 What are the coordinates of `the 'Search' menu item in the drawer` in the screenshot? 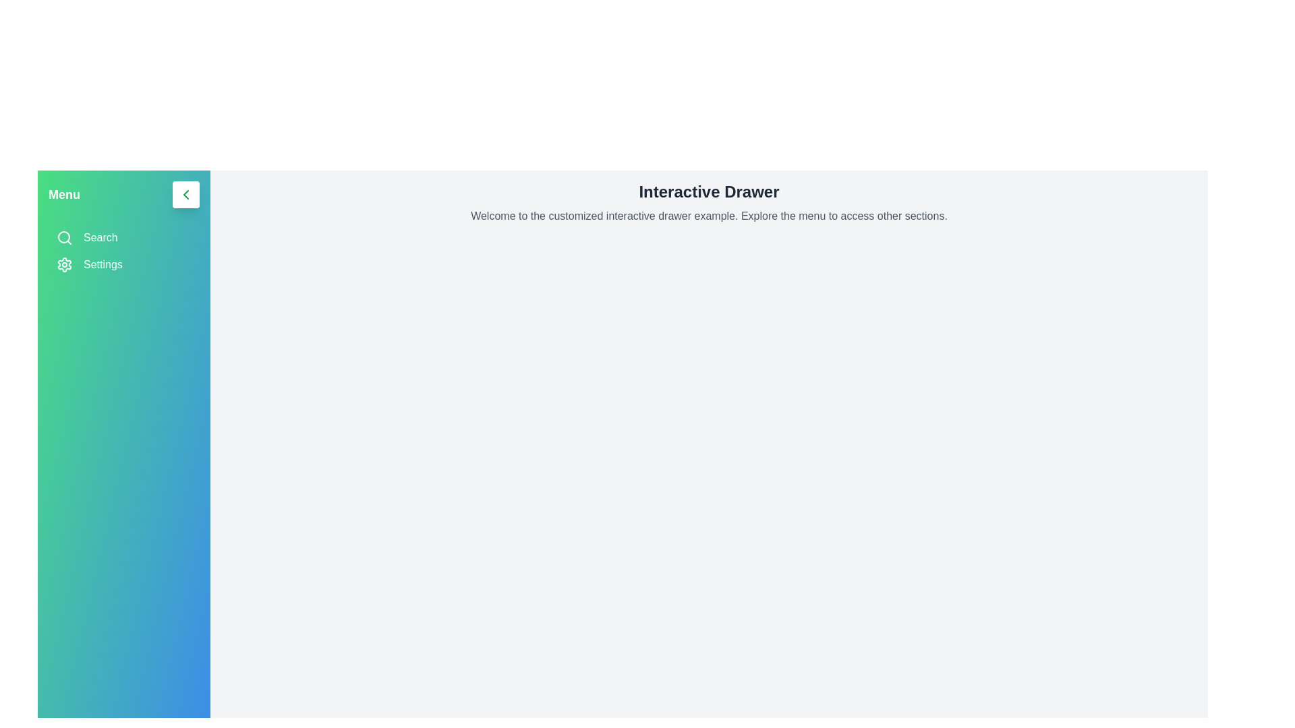 It's located at (123, 237).